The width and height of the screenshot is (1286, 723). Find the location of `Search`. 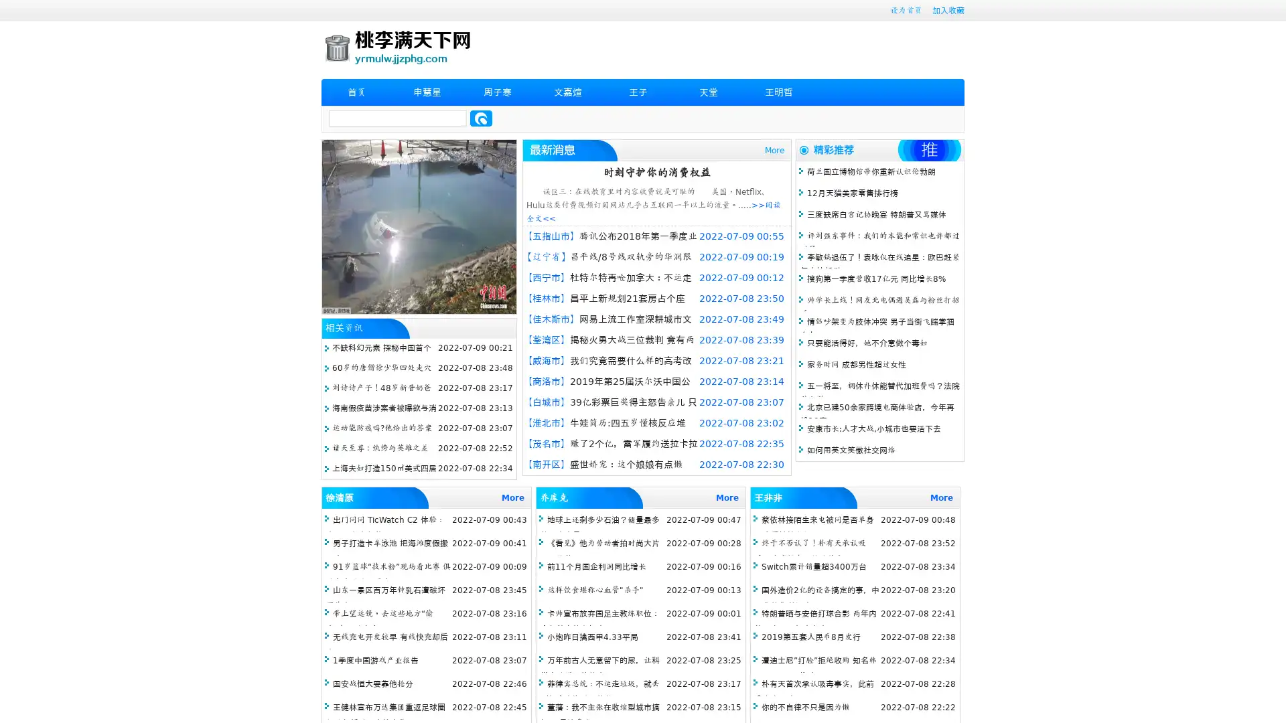

Search is located at coordinates (481, 118).